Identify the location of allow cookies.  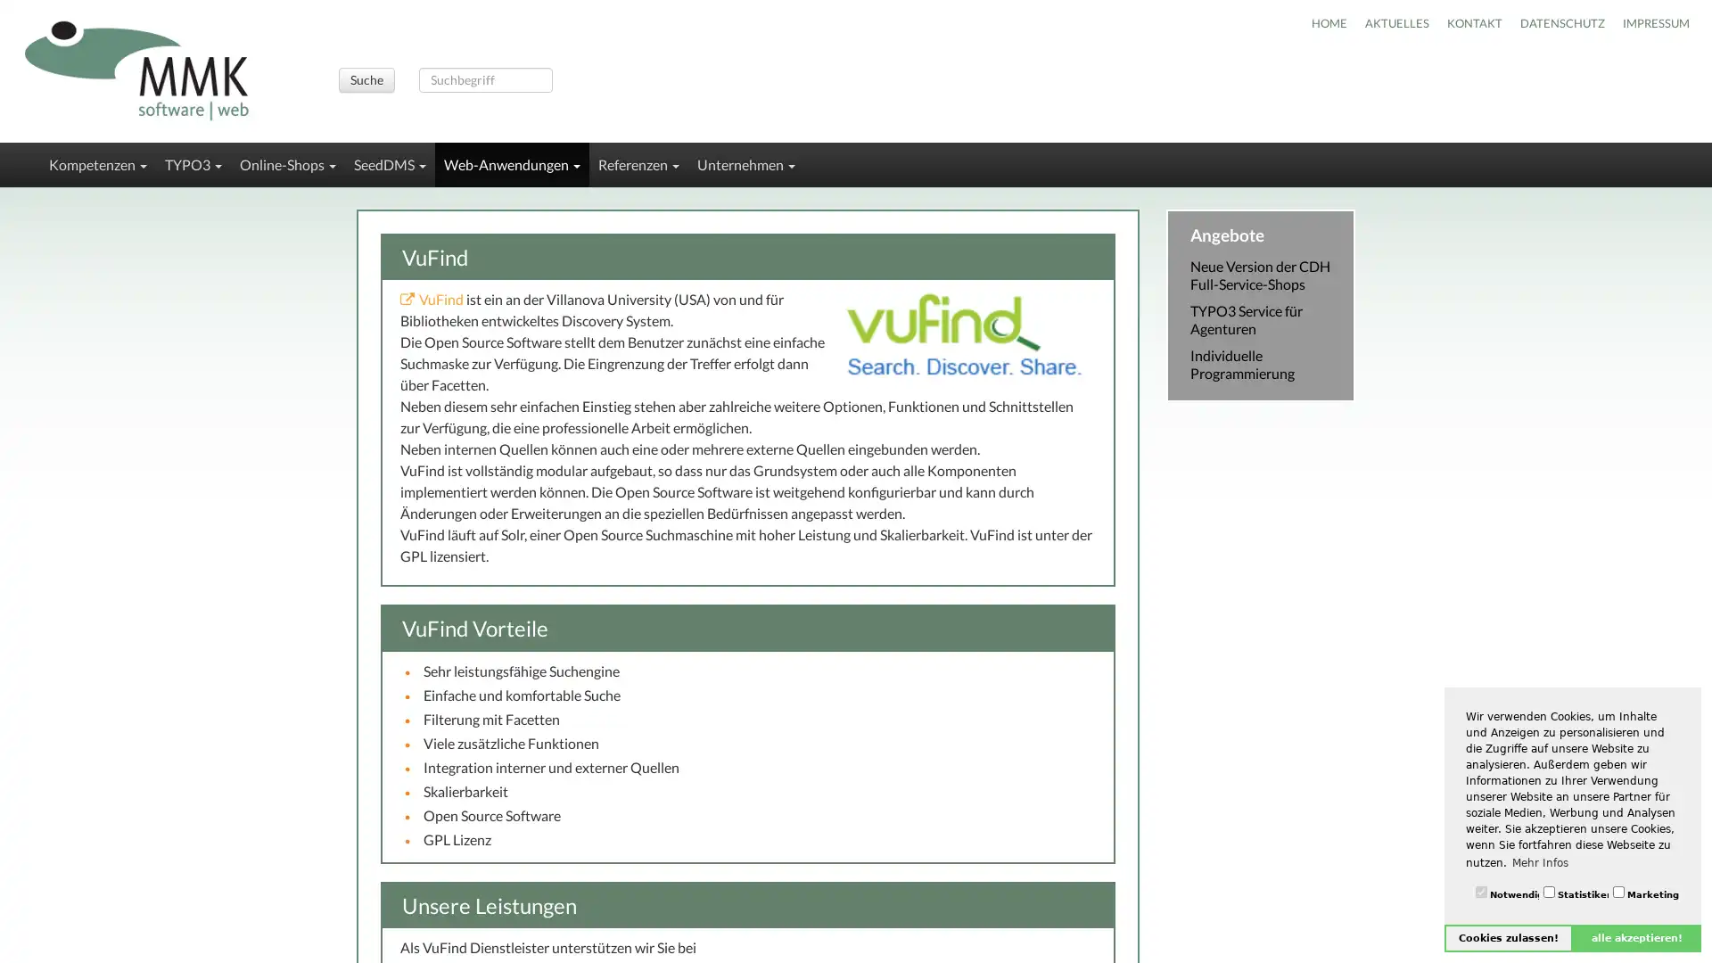
(1507, 937).